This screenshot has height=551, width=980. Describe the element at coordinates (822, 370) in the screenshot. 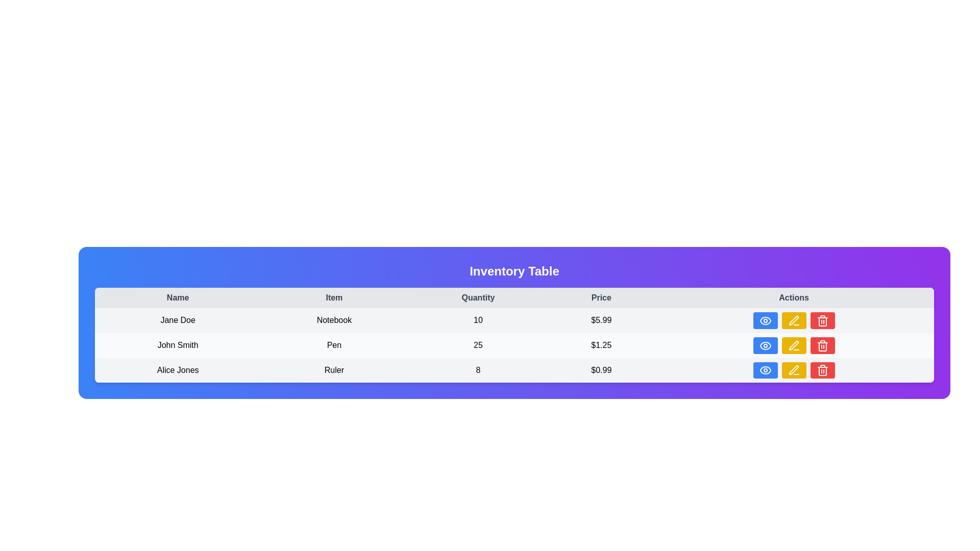

I see `the red delete button with a white trash can icon located under the 'Actions' column in the table` at that location.